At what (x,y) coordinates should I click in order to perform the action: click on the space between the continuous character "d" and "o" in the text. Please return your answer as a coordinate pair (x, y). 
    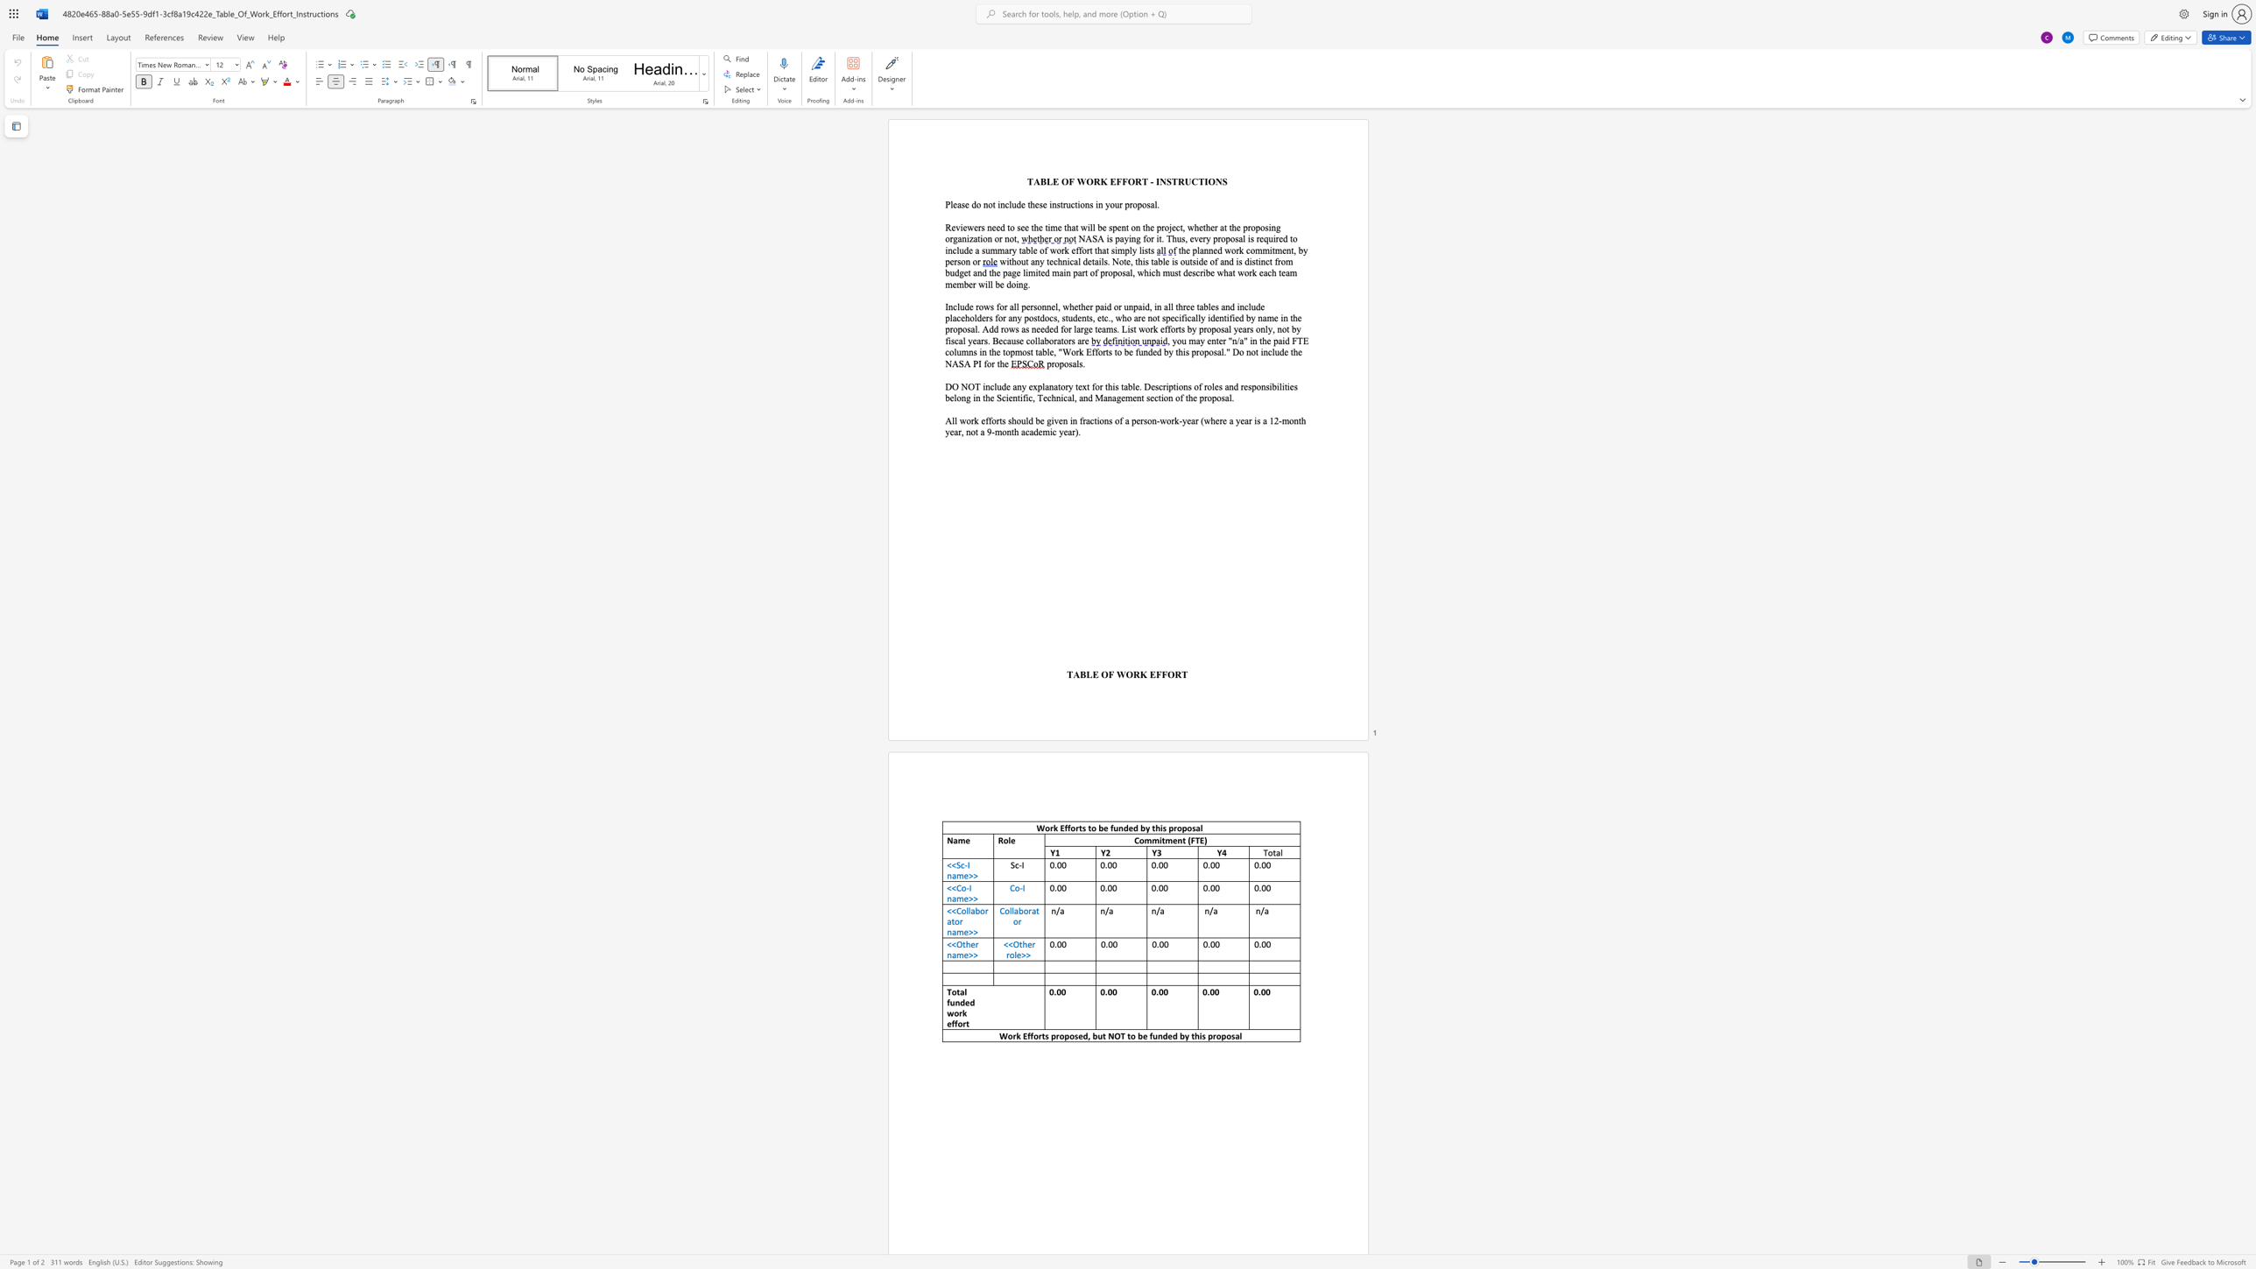
    Looking at the image, I should click on (1044, 317).